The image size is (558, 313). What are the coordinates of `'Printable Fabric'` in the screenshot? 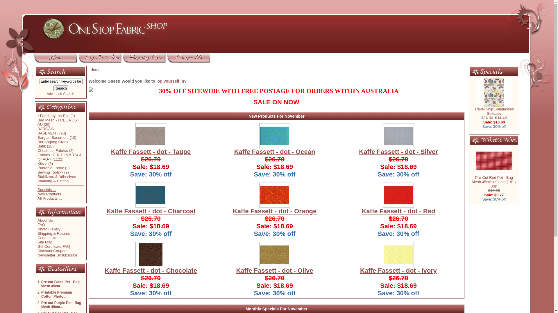 It's located at (51, 168).